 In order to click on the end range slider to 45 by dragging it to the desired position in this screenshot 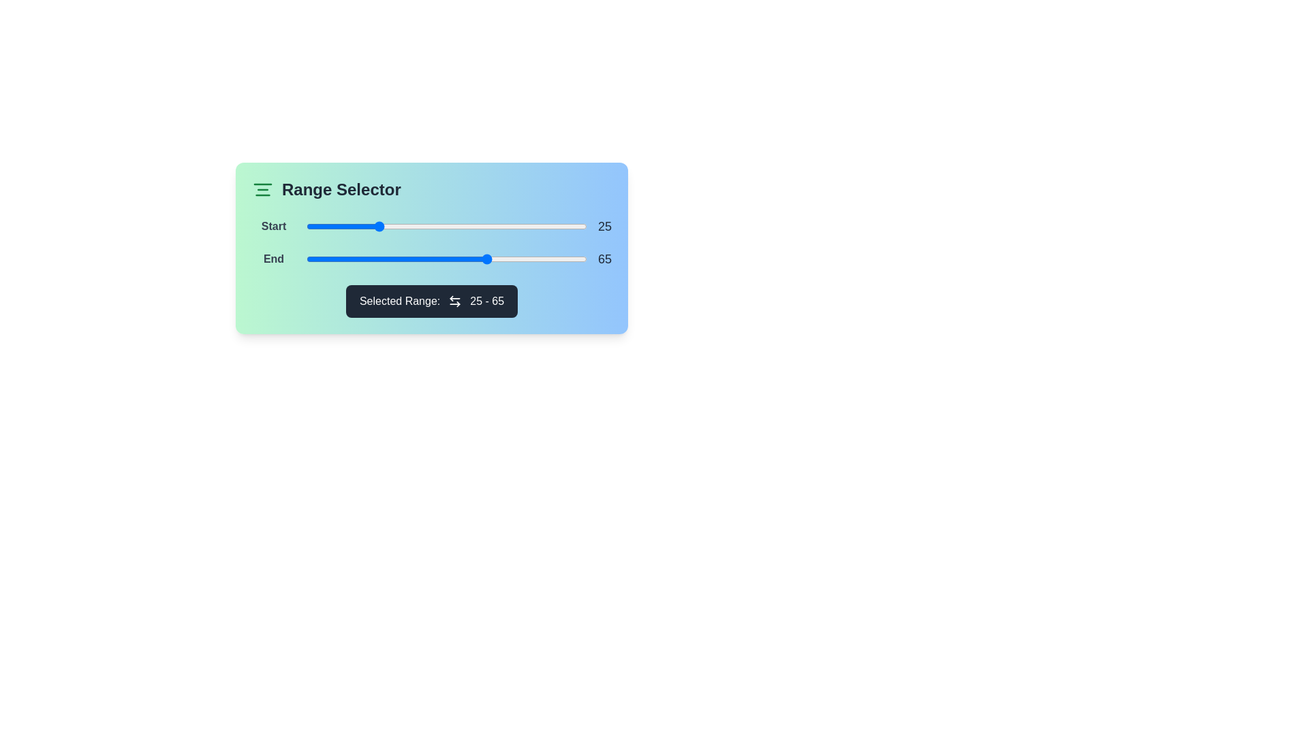, I will do `click(432, 259)`.